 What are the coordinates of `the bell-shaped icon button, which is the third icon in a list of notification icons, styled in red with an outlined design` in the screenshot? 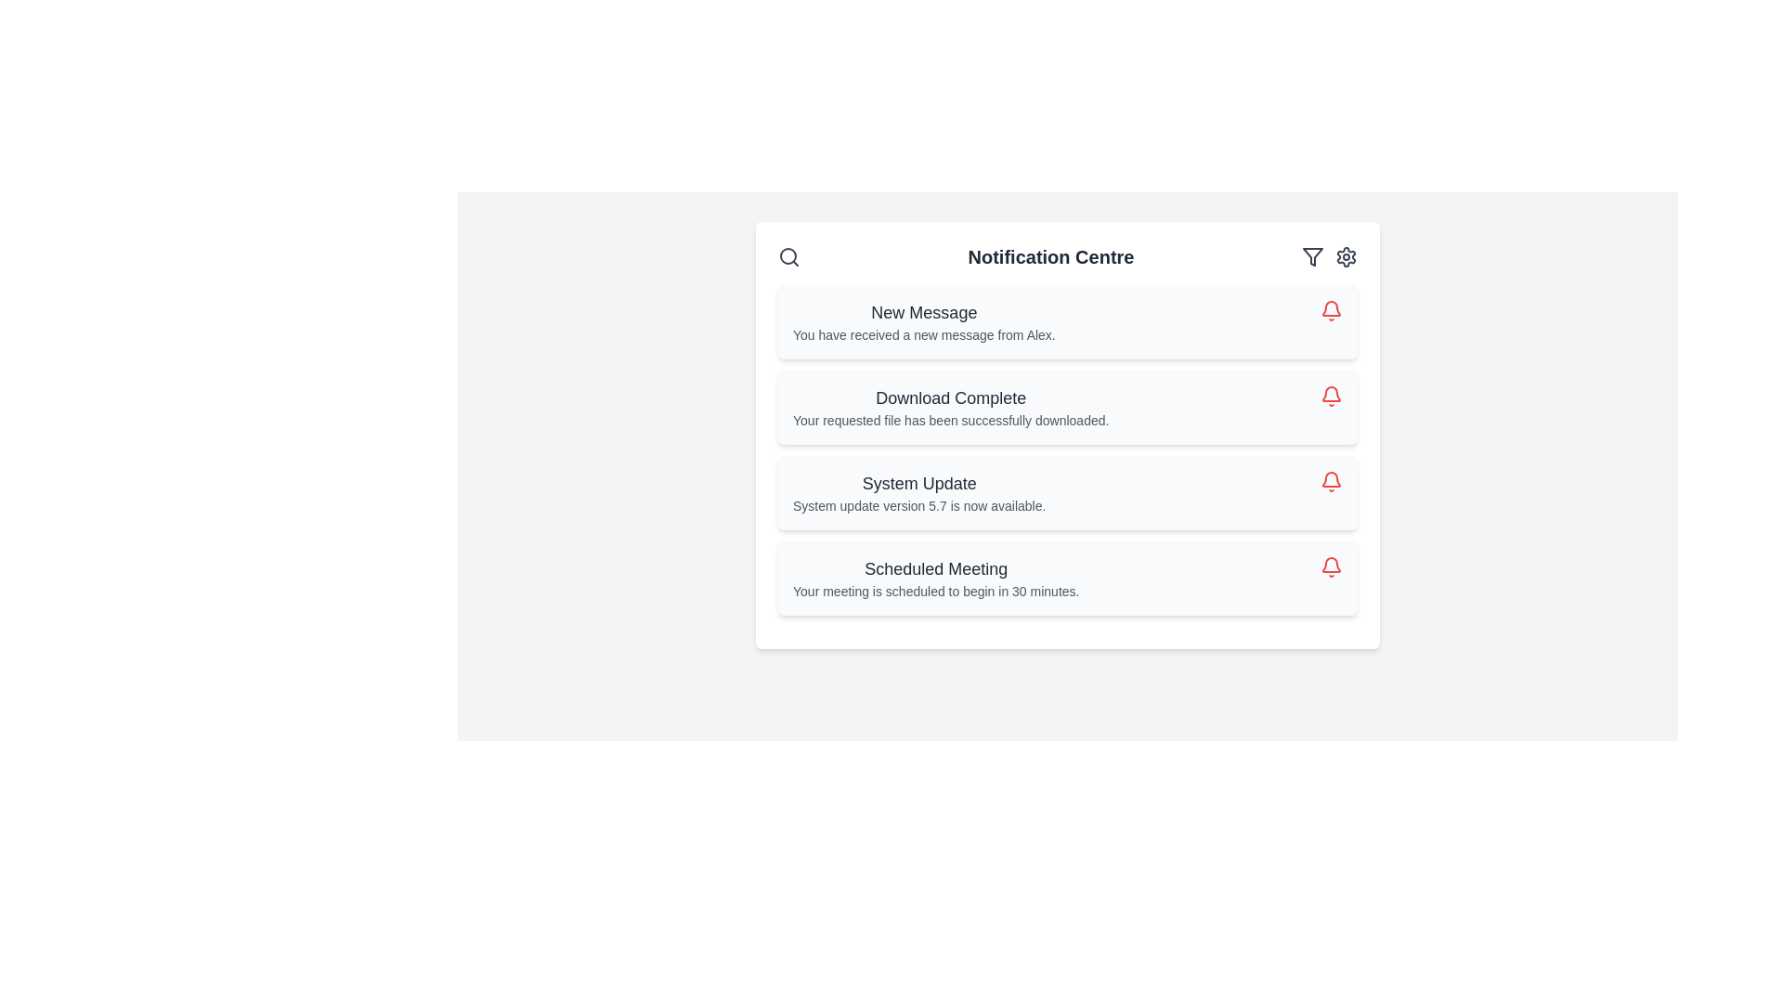 It's located at (1331, 481).